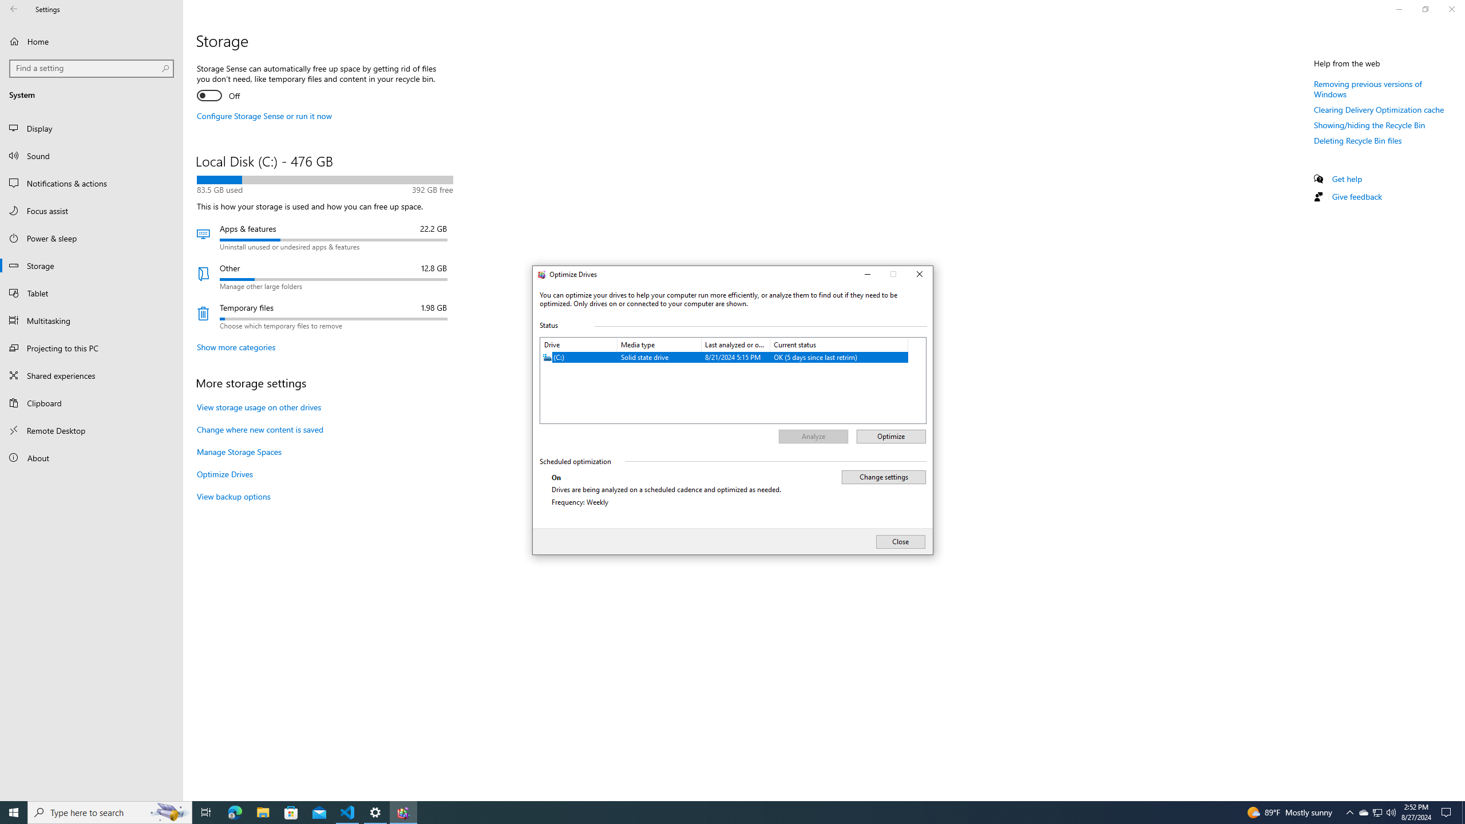  I want to click on 'Start', so click(14, 811).